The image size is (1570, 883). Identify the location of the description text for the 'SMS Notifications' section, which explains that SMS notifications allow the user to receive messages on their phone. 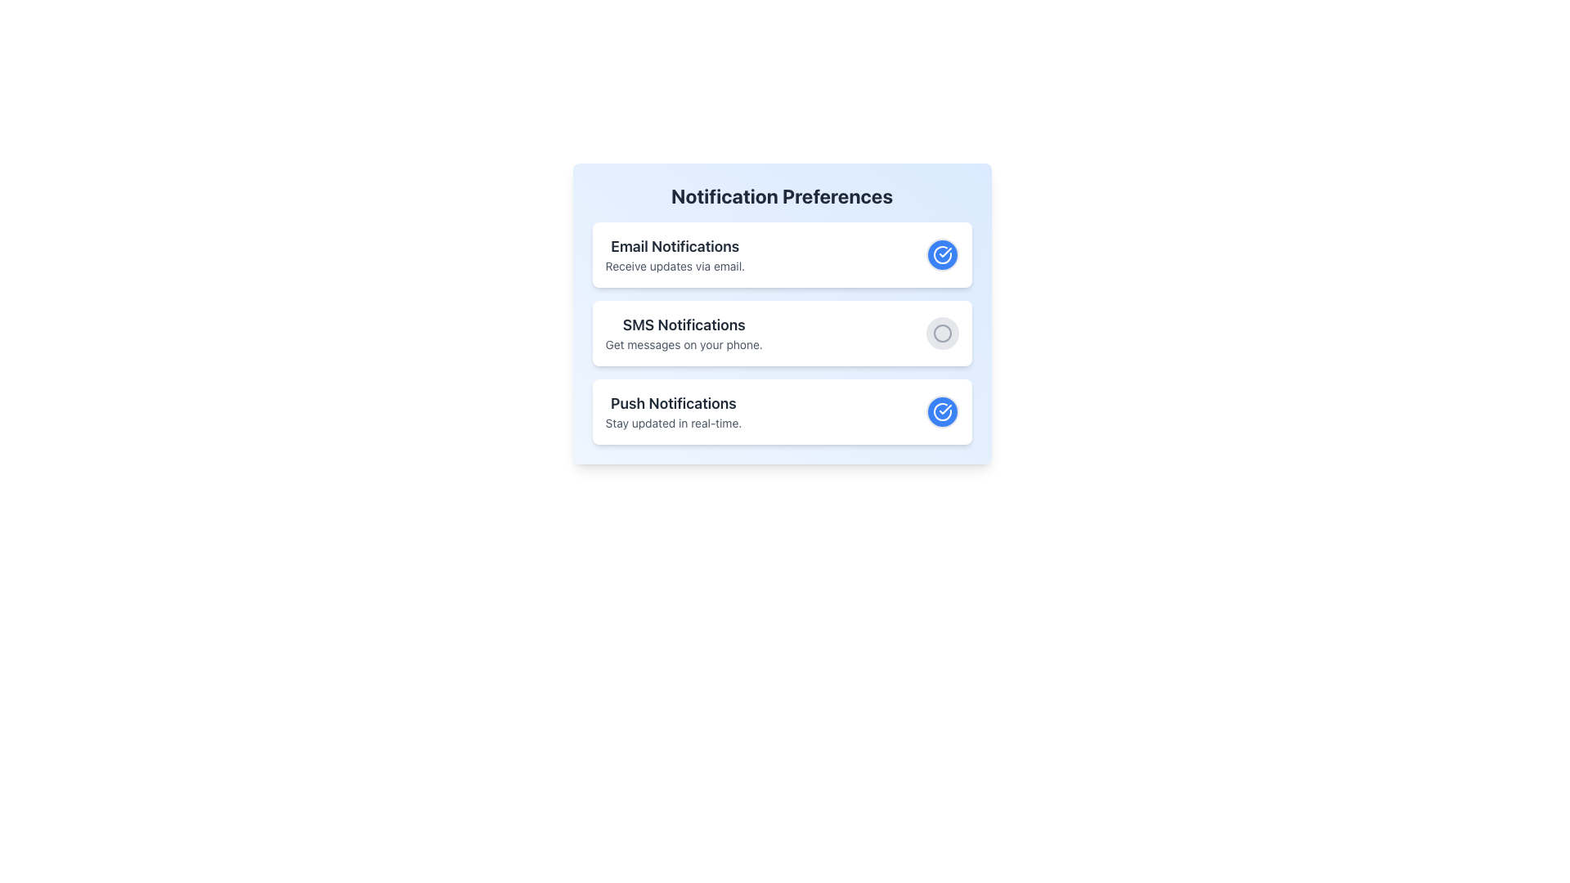
(684, 343).